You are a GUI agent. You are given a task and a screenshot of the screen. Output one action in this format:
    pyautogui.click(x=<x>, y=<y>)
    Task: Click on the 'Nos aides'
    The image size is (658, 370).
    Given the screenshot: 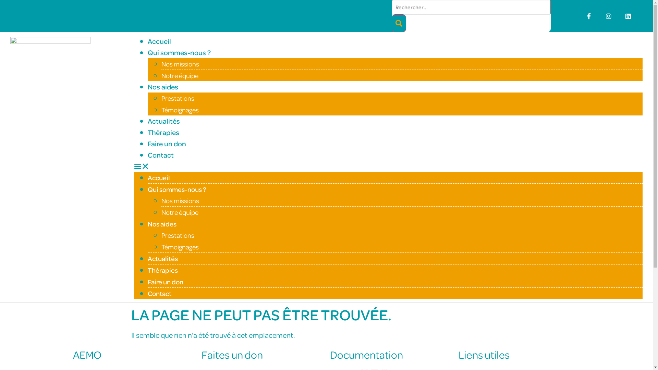 What is the action you would take?
    pyautogui.click(x=162, y=224)
    